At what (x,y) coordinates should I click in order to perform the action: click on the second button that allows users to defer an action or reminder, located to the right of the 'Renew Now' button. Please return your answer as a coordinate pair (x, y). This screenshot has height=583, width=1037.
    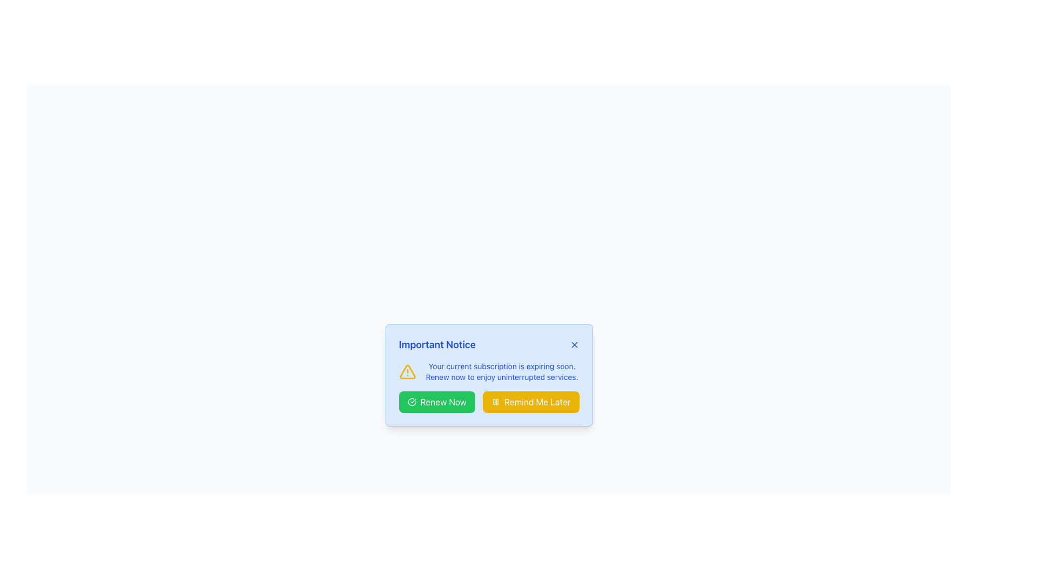
    Looking at the image, I should click on (531, 402).